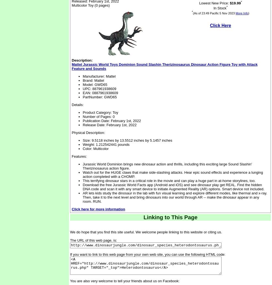 The height and width of the screenshot is (285, 272). I want to click on 'Mattel Jurassic World Toys Dominion Sound Slashin Therizinosaurus Dinosaur Action Figure Toy with Attack Feature and Sounds', so click(164, 66).